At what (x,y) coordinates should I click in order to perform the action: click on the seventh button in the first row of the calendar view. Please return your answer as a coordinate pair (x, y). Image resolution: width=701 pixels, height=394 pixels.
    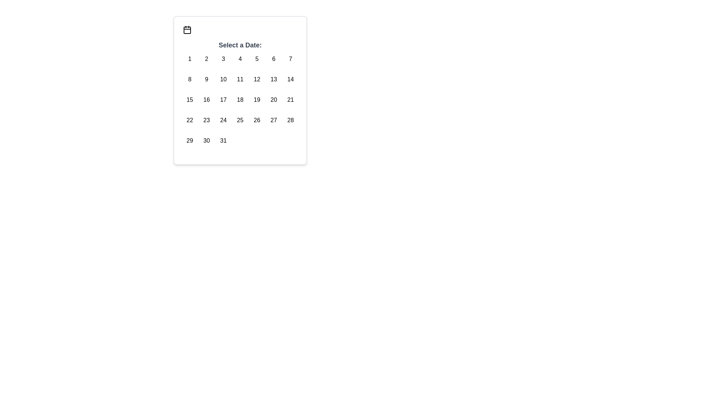
    Looking at the image, I should click on (290, 59).